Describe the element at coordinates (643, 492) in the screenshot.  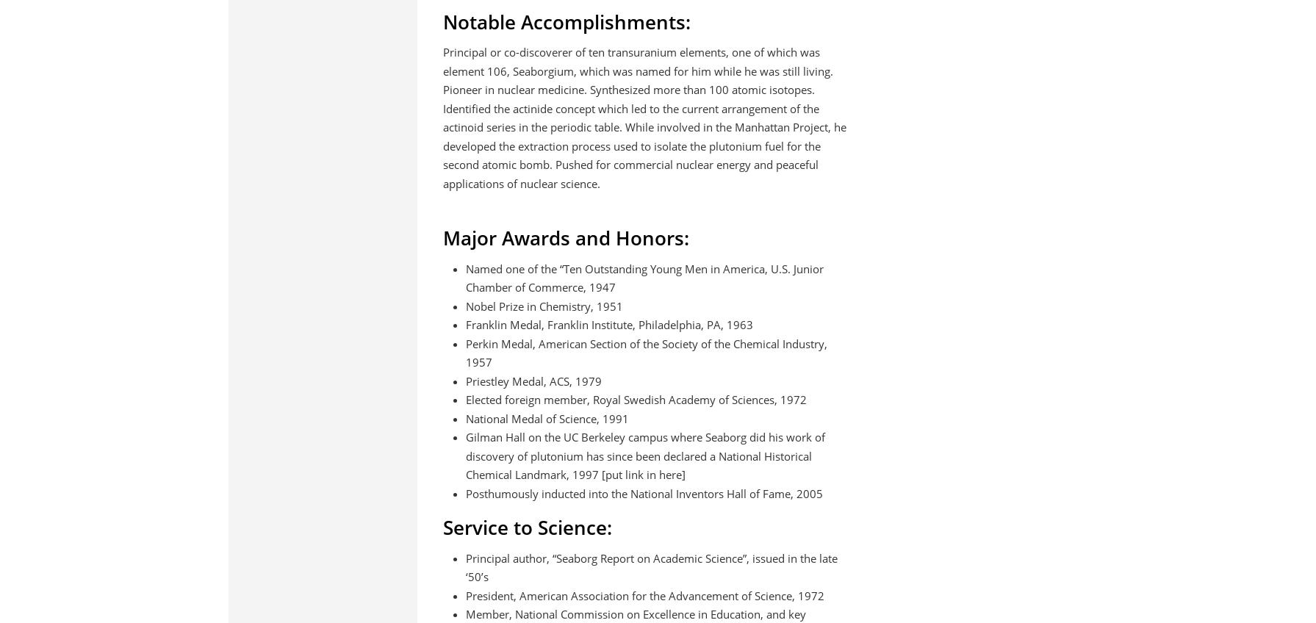
I see `'Posthumously inducted into the National Inventors Hall of Fame, 2005'` at that location.